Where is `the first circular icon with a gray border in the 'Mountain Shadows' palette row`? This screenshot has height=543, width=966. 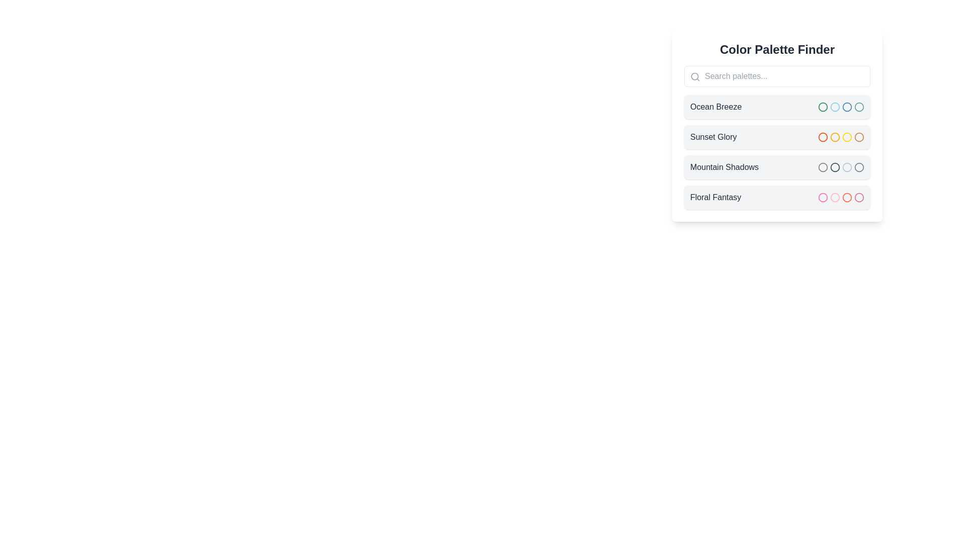 the first circular icon with a gray border in the 'Mountain Shadows' palette row is located at coordinates (823, 166).